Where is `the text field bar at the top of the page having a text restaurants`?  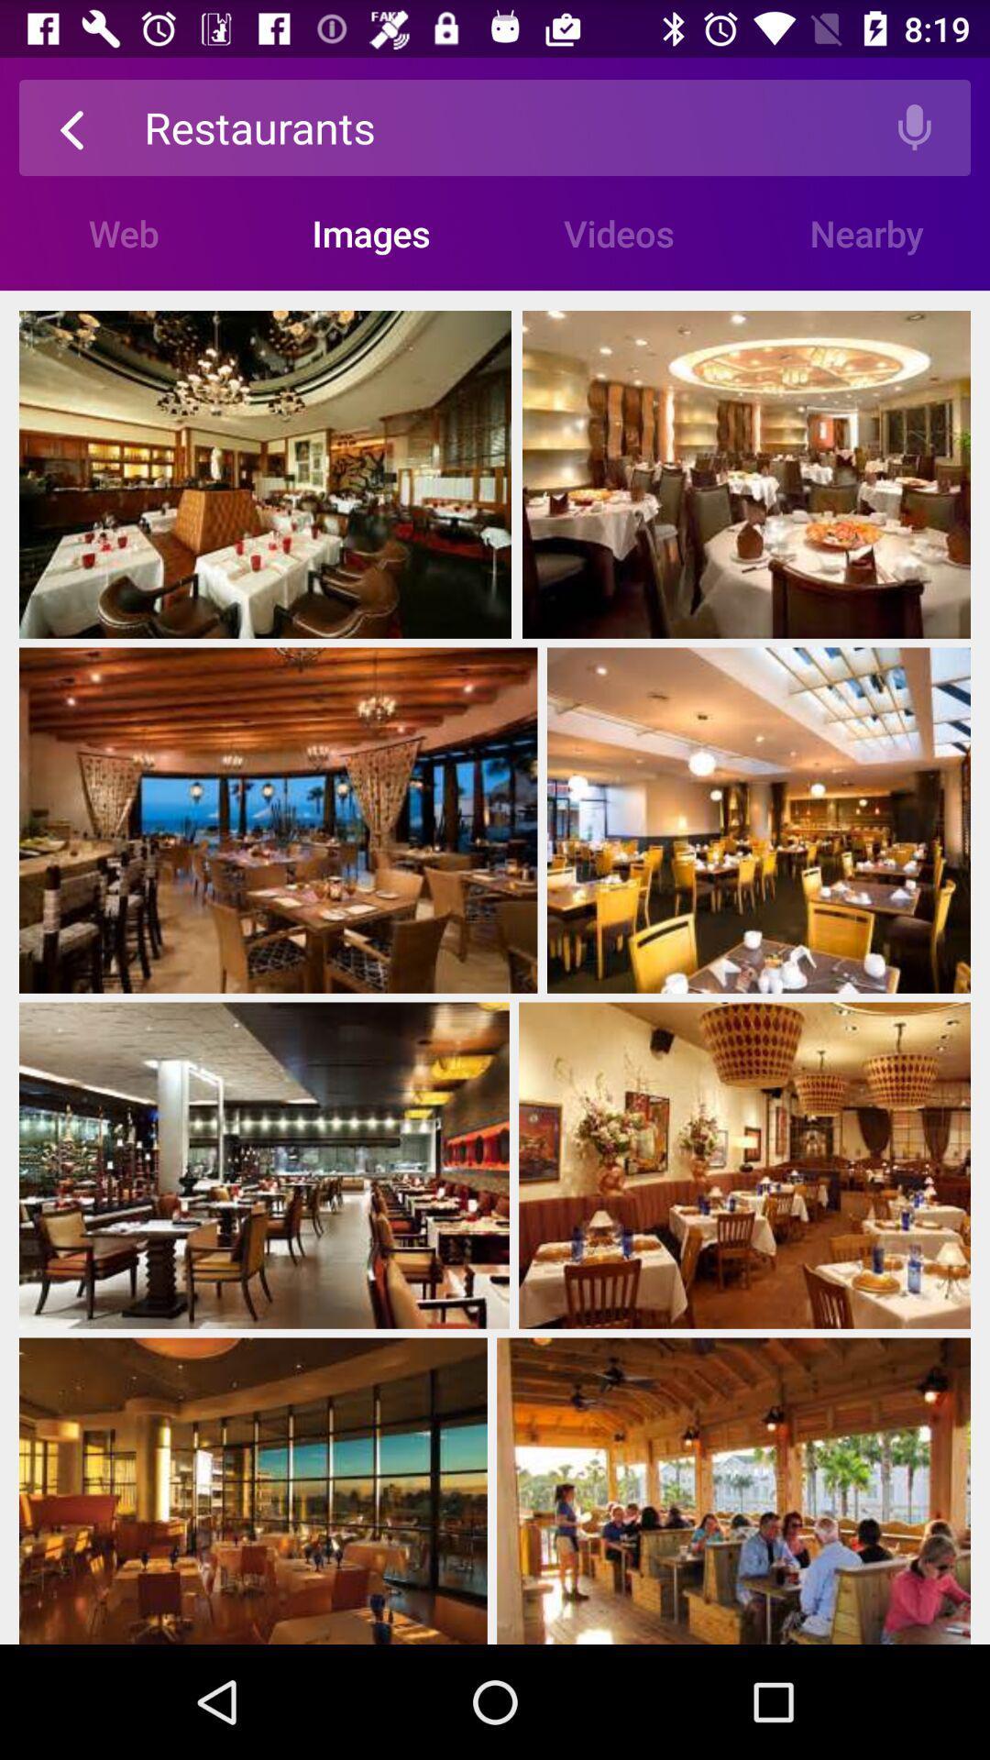
the text field bar at the top of the page having a text restaurants is located at coordinates (501, 126).